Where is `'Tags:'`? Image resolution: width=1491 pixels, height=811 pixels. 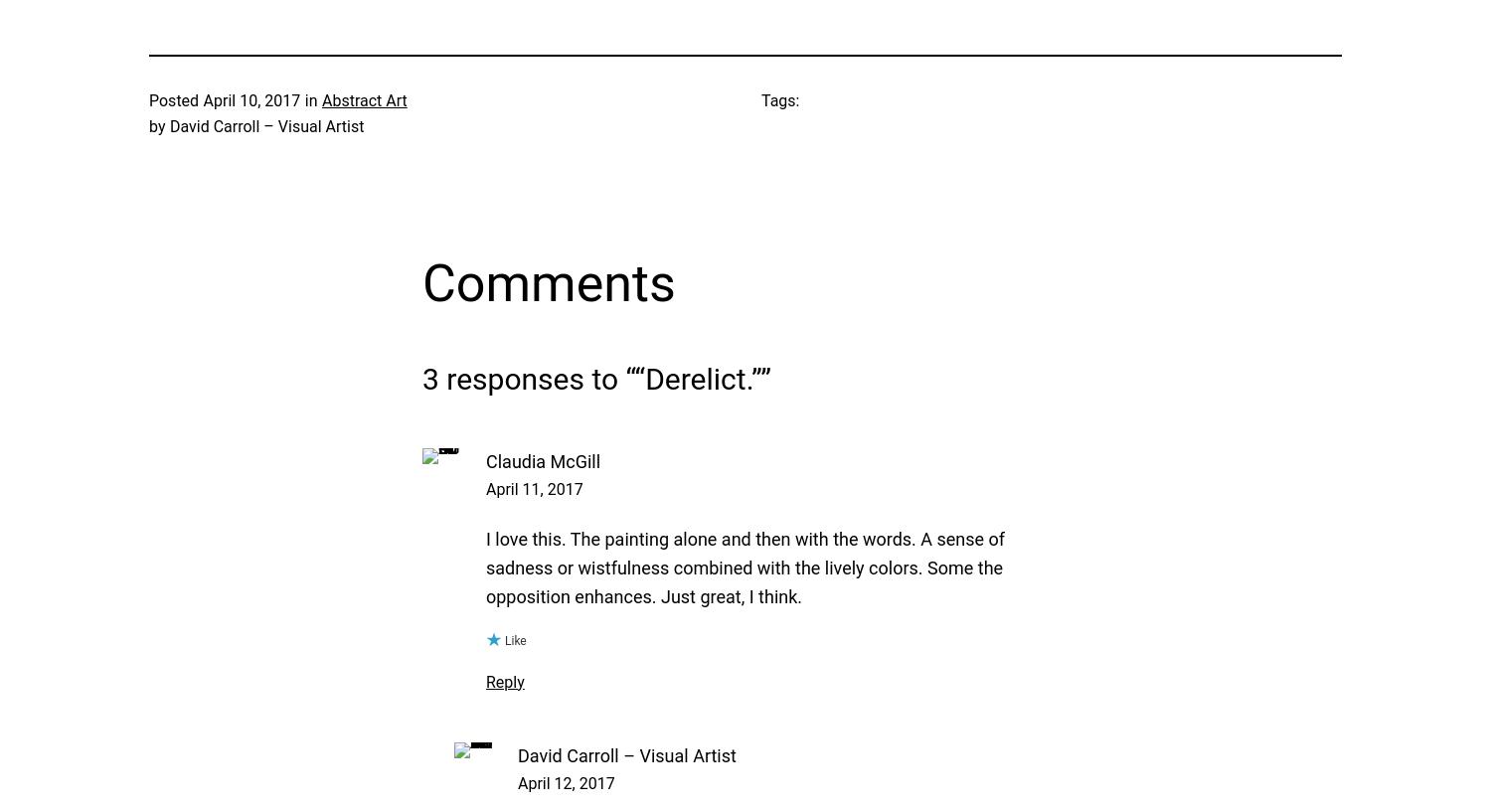
'Tags:' is located at coordinates (779, 98).